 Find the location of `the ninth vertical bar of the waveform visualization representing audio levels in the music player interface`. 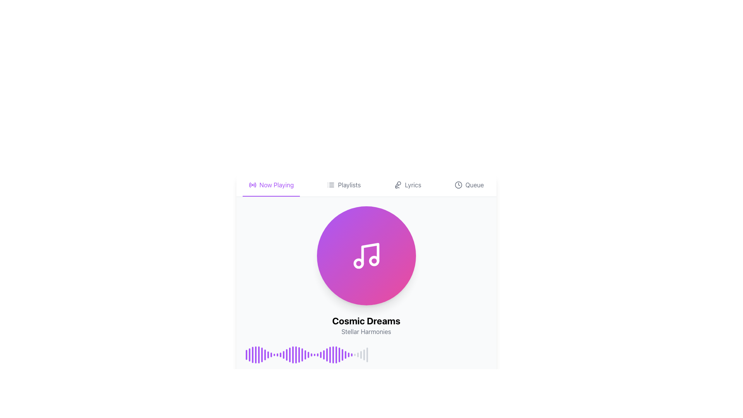

the ninth vertical bar of the waveform visualization representing audio levels in the music player interface is located at coordinates (271, 355).